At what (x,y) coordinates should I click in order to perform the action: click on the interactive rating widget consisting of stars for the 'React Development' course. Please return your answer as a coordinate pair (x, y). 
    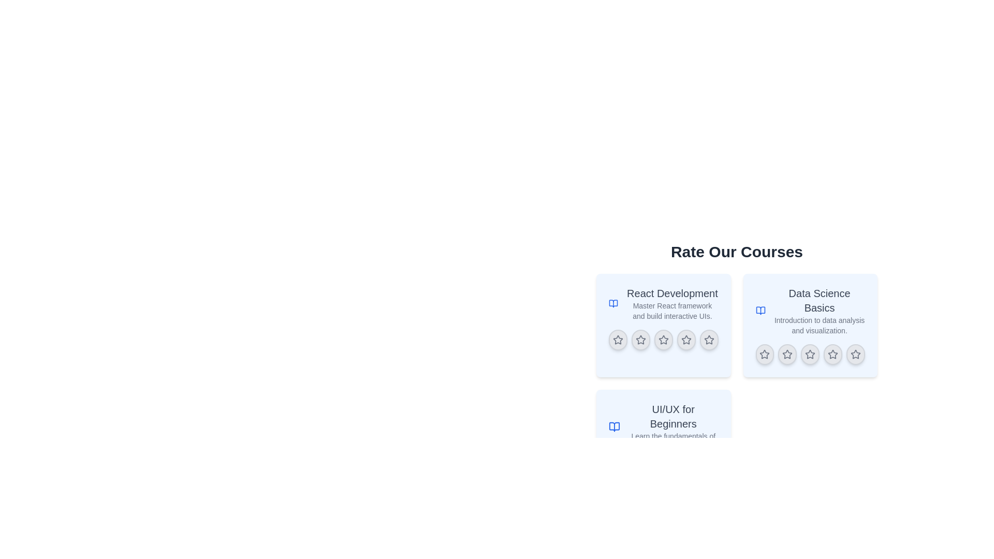
    Looking at the image, I should click on (663, 340).